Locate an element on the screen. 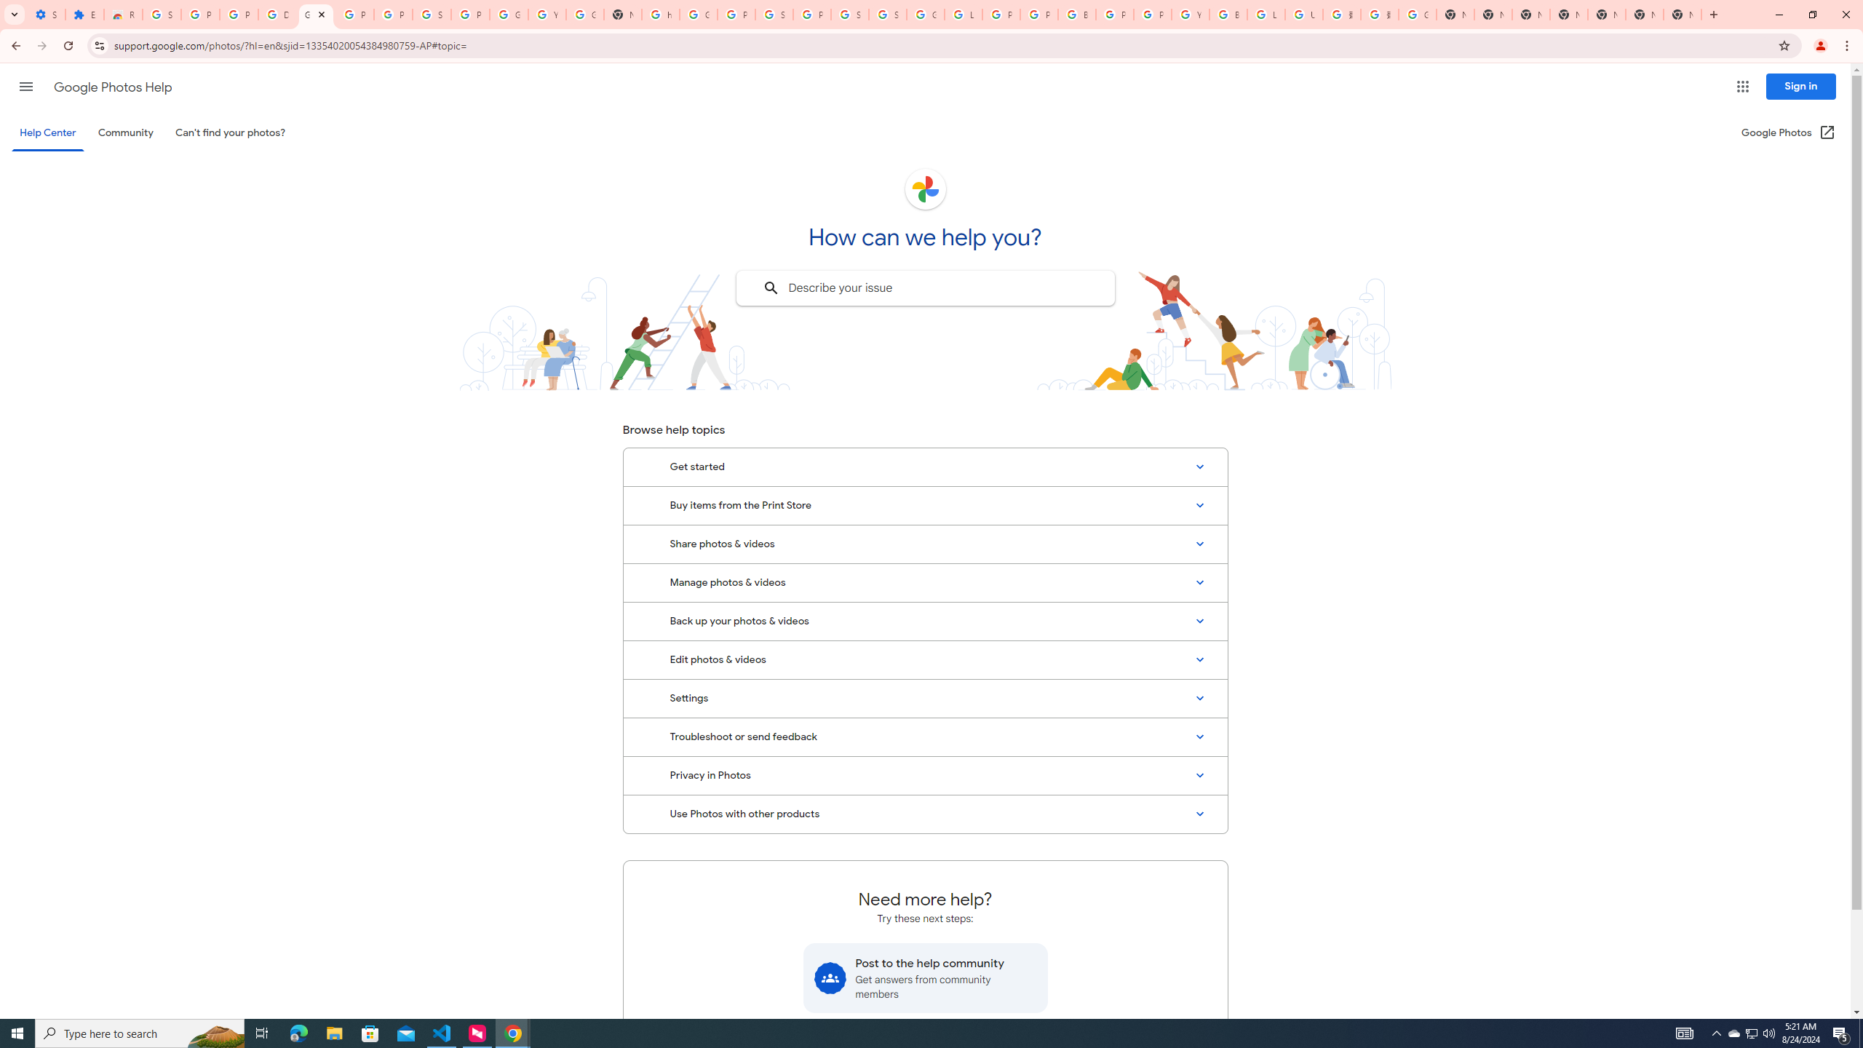  'Get started' is located at coordinates (925, 467).